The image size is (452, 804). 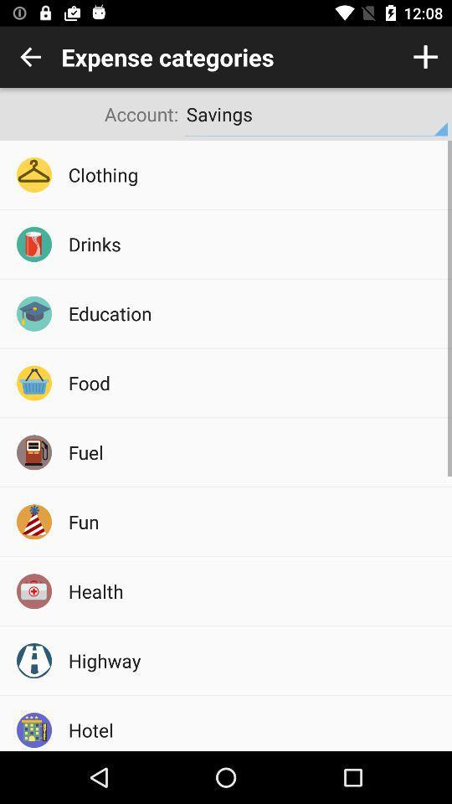 What do you see at coordinates (425, 57) in the screenshot?
I see `icon right to the header text` at bounding box center [425, 57].